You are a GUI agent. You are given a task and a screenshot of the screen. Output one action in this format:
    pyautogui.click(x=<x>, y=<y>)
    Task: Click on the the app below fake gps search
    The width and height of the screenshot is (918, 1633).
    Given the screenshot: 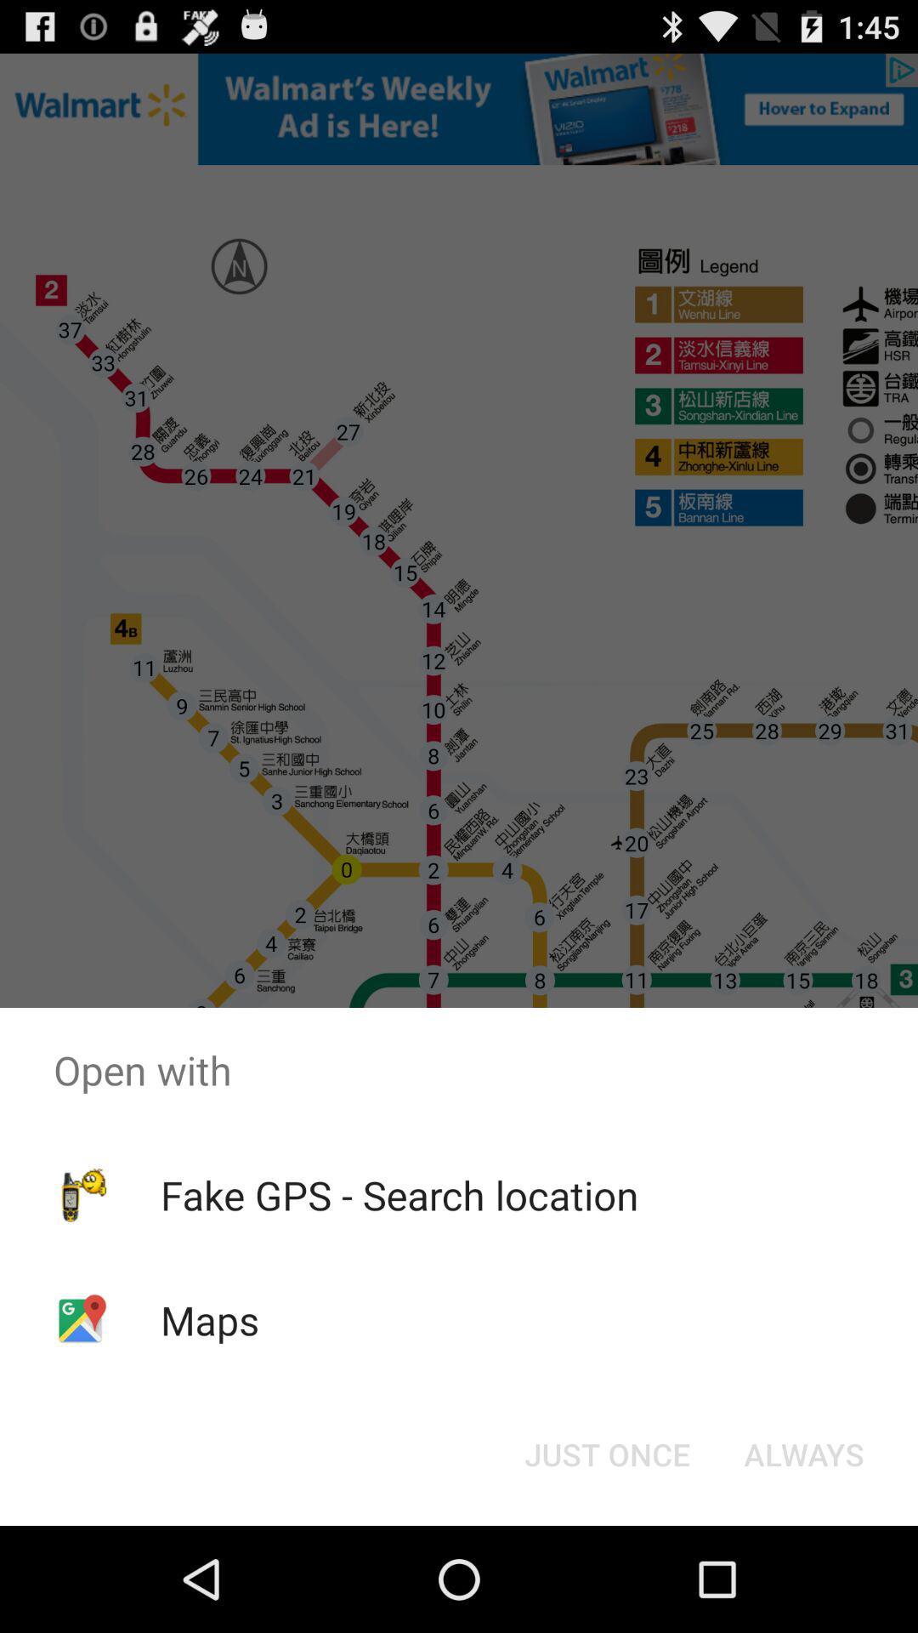 What is the action you would take?
    pyautogui.click(x=209, y=1319)
    